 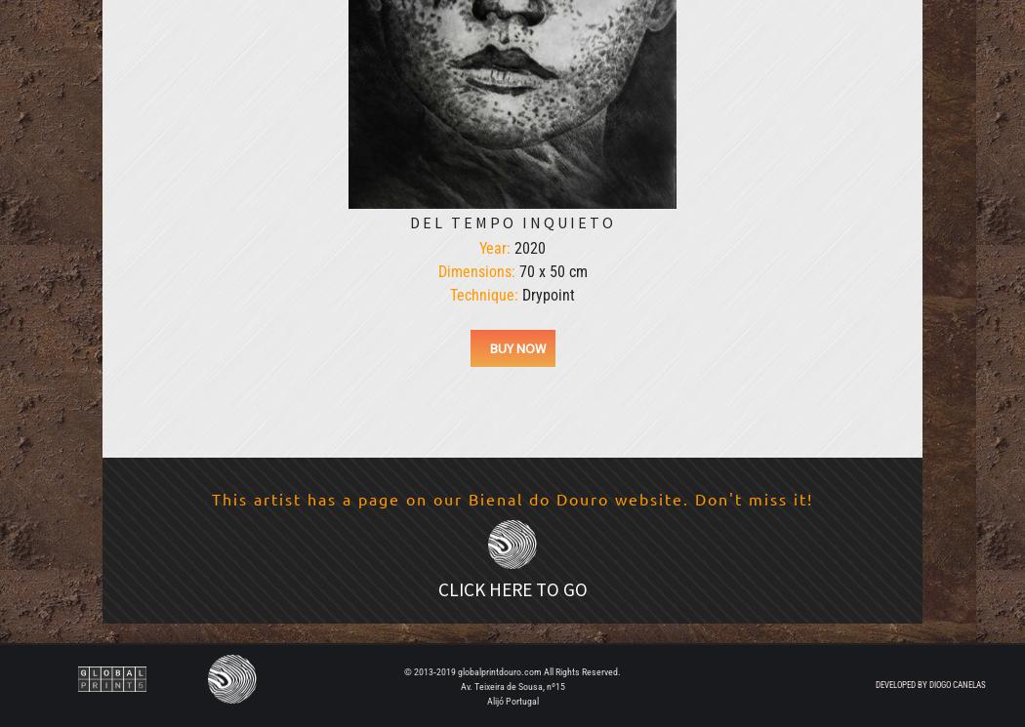 I want to click on 'Click here to go', so click(x=511, y=587).